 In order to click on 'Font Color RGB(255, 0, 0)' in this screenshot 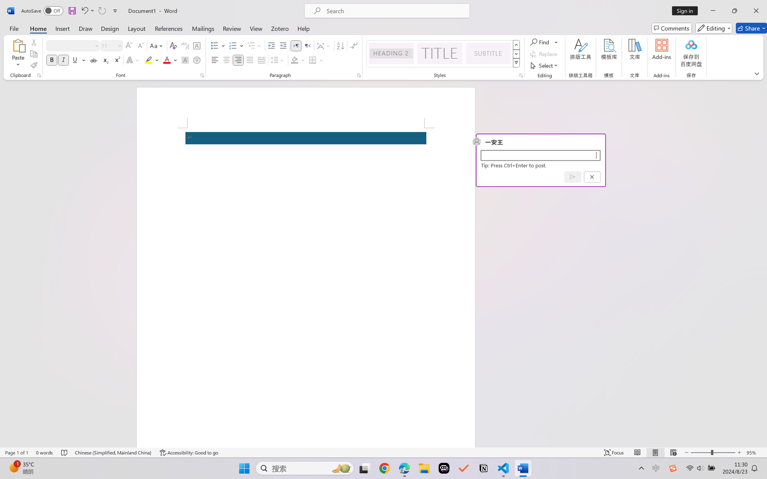, I will do `click(167, 60)`.